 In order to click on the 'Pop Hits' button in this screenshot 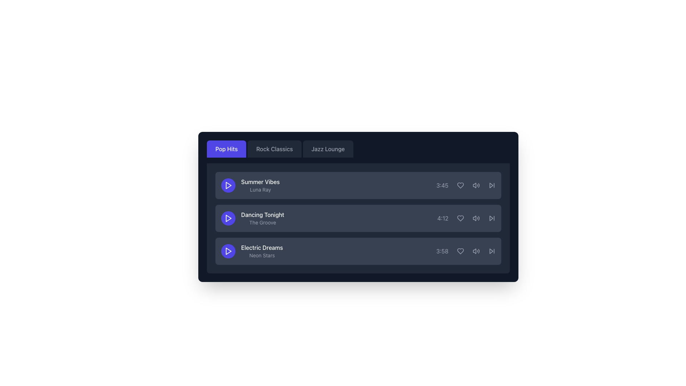, I will do `click(226, 148)`.